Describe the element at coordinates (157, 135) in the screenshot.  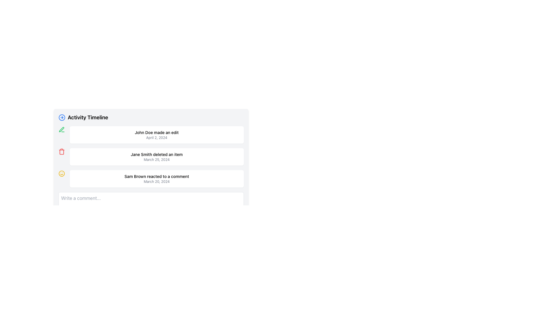
I see `the Text Box displaying the user's activity log entry, located in the middle section of the activity timeline, directly above 'Jane Smith deleted an item'` at that location.